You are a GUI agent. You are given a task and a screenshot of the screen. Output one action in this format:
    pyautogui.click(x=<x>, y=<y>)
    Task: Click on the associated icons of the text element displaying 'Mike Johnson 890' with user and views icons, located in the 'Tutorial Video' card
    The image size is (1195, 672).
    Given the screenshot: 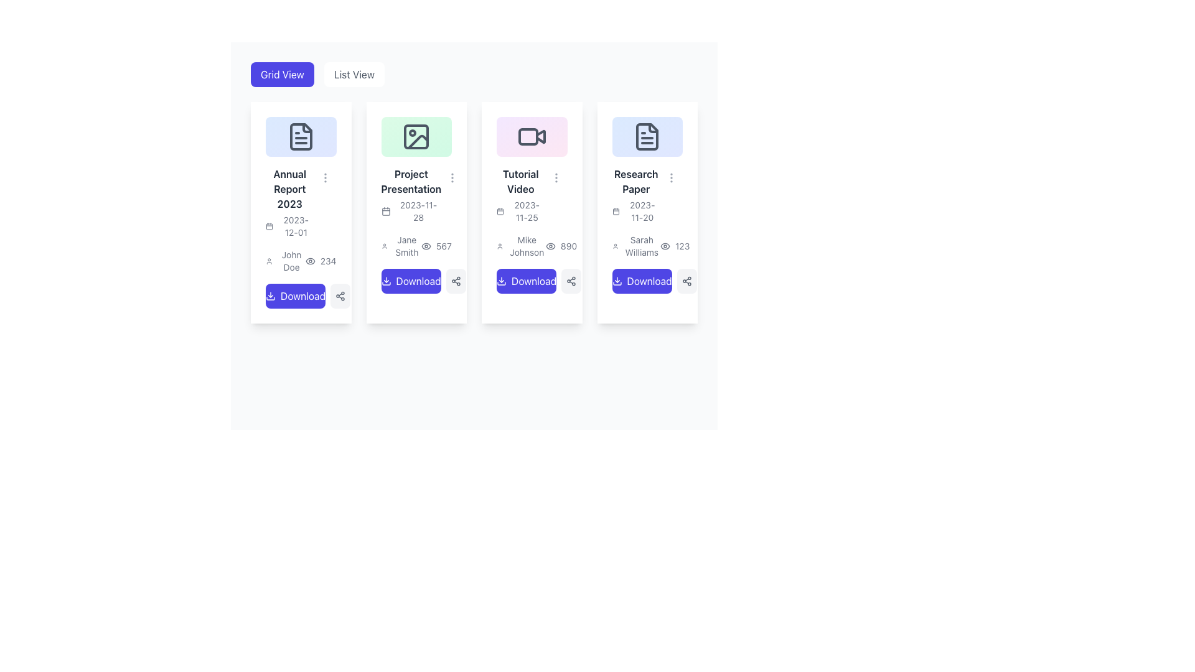 What is the action you would take?
    pyautogui.click(x=532, y=246)
    